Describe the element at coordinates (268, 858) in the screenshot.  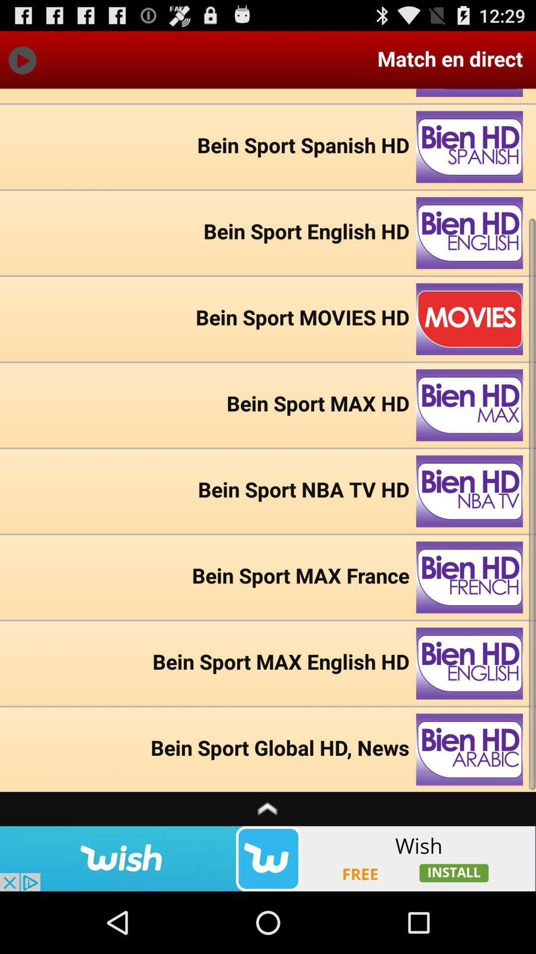
I see `advertisement` at that location.